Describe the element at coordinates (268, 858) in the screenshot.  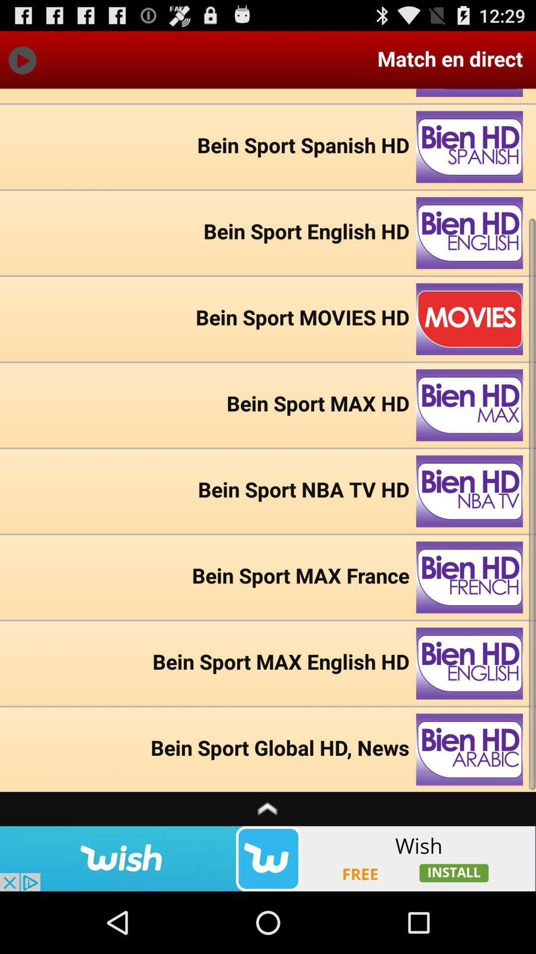
I see `advertisement` at that location.